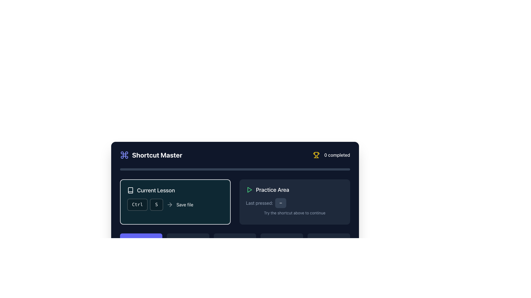  What do you see at coordinates (281, 203) in the screenshot?
I see `the Button-like label that indicates the last shortcut key pressed, located in the 'Practice Area' section adjacent to the 'Last pressed:' label` at bounding box center [281, 203].